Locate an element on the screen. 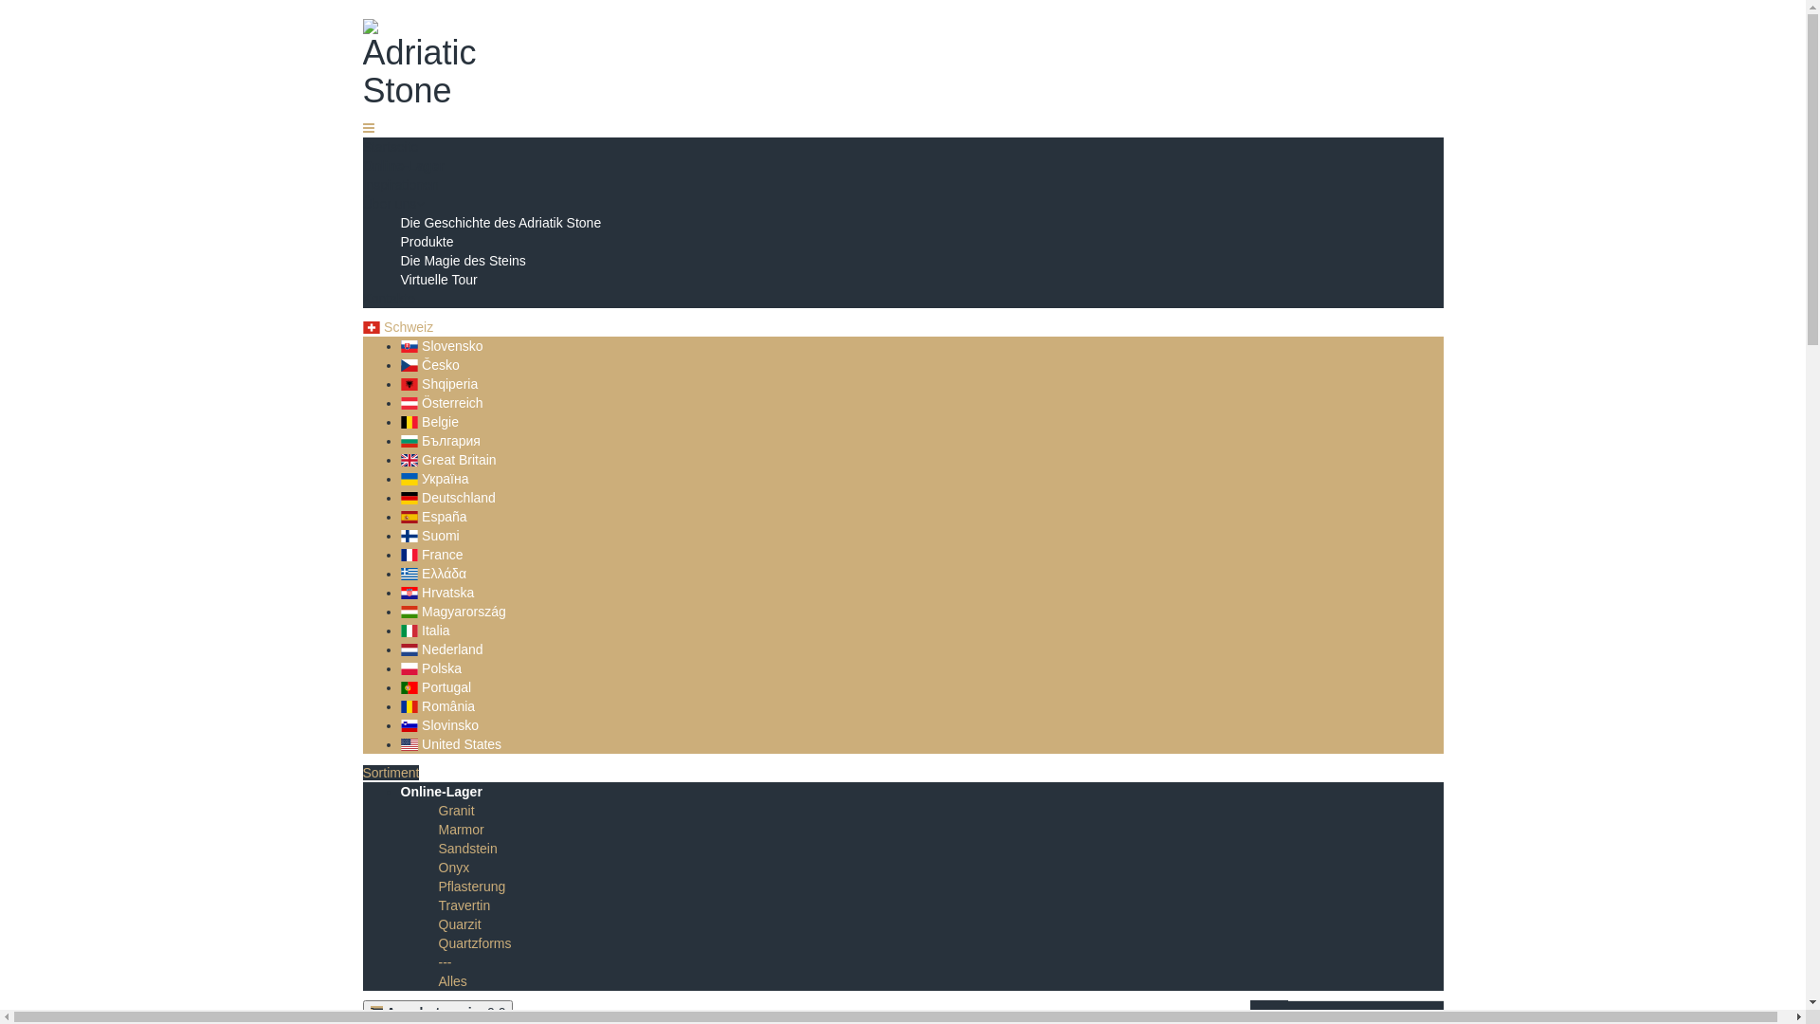  ' France' is located at coordinates (430, 555).